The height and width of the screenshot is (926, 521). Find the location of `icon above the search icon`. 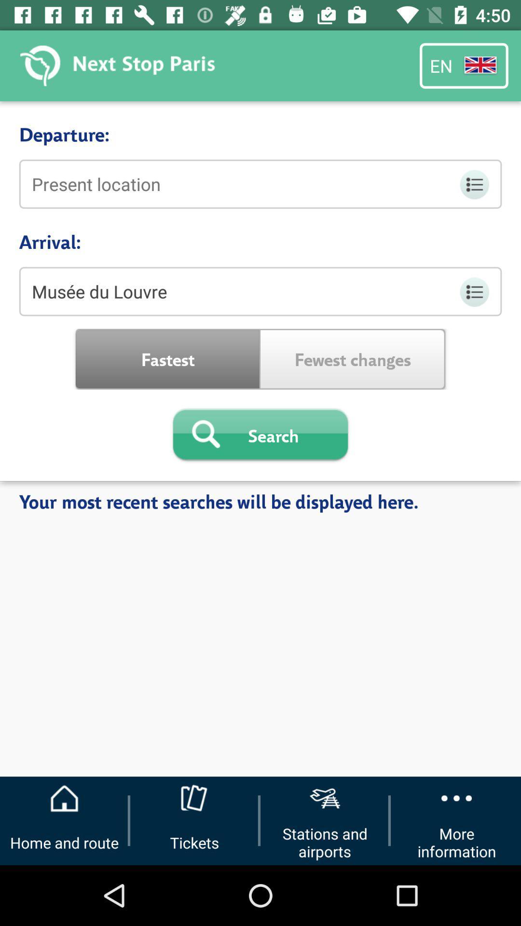

icon above the search icon is located at coordinates (167, 358).